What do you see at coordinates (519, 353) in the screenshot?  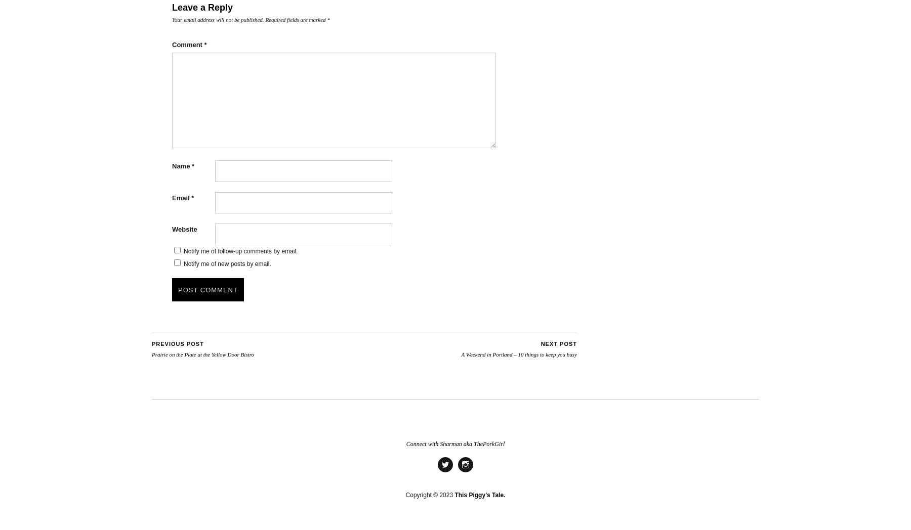 I see `'A Weekend in Portland – 10 things to keep you busy'` at bounding box center [519, 353].